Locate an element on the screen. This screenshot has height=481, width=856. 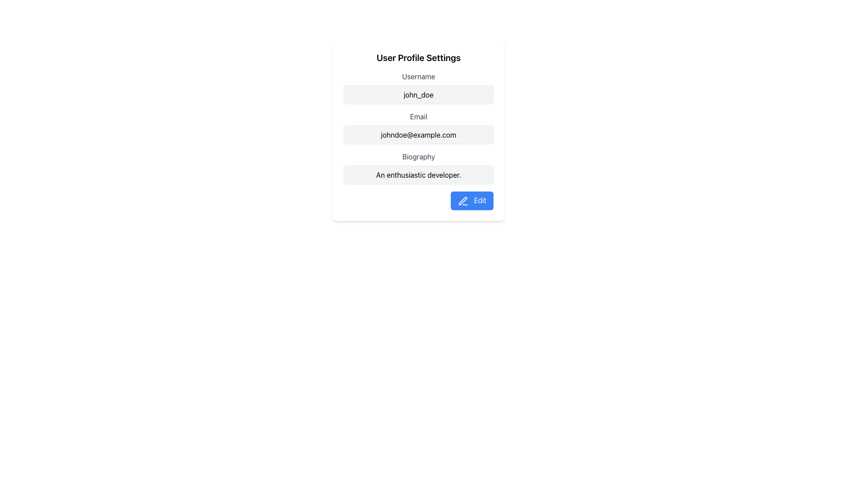
the 'Biography' text label, which is styled in gray and positioned above the descriptive text under 'User Profile Settings' is located at coordinates (418, 156).